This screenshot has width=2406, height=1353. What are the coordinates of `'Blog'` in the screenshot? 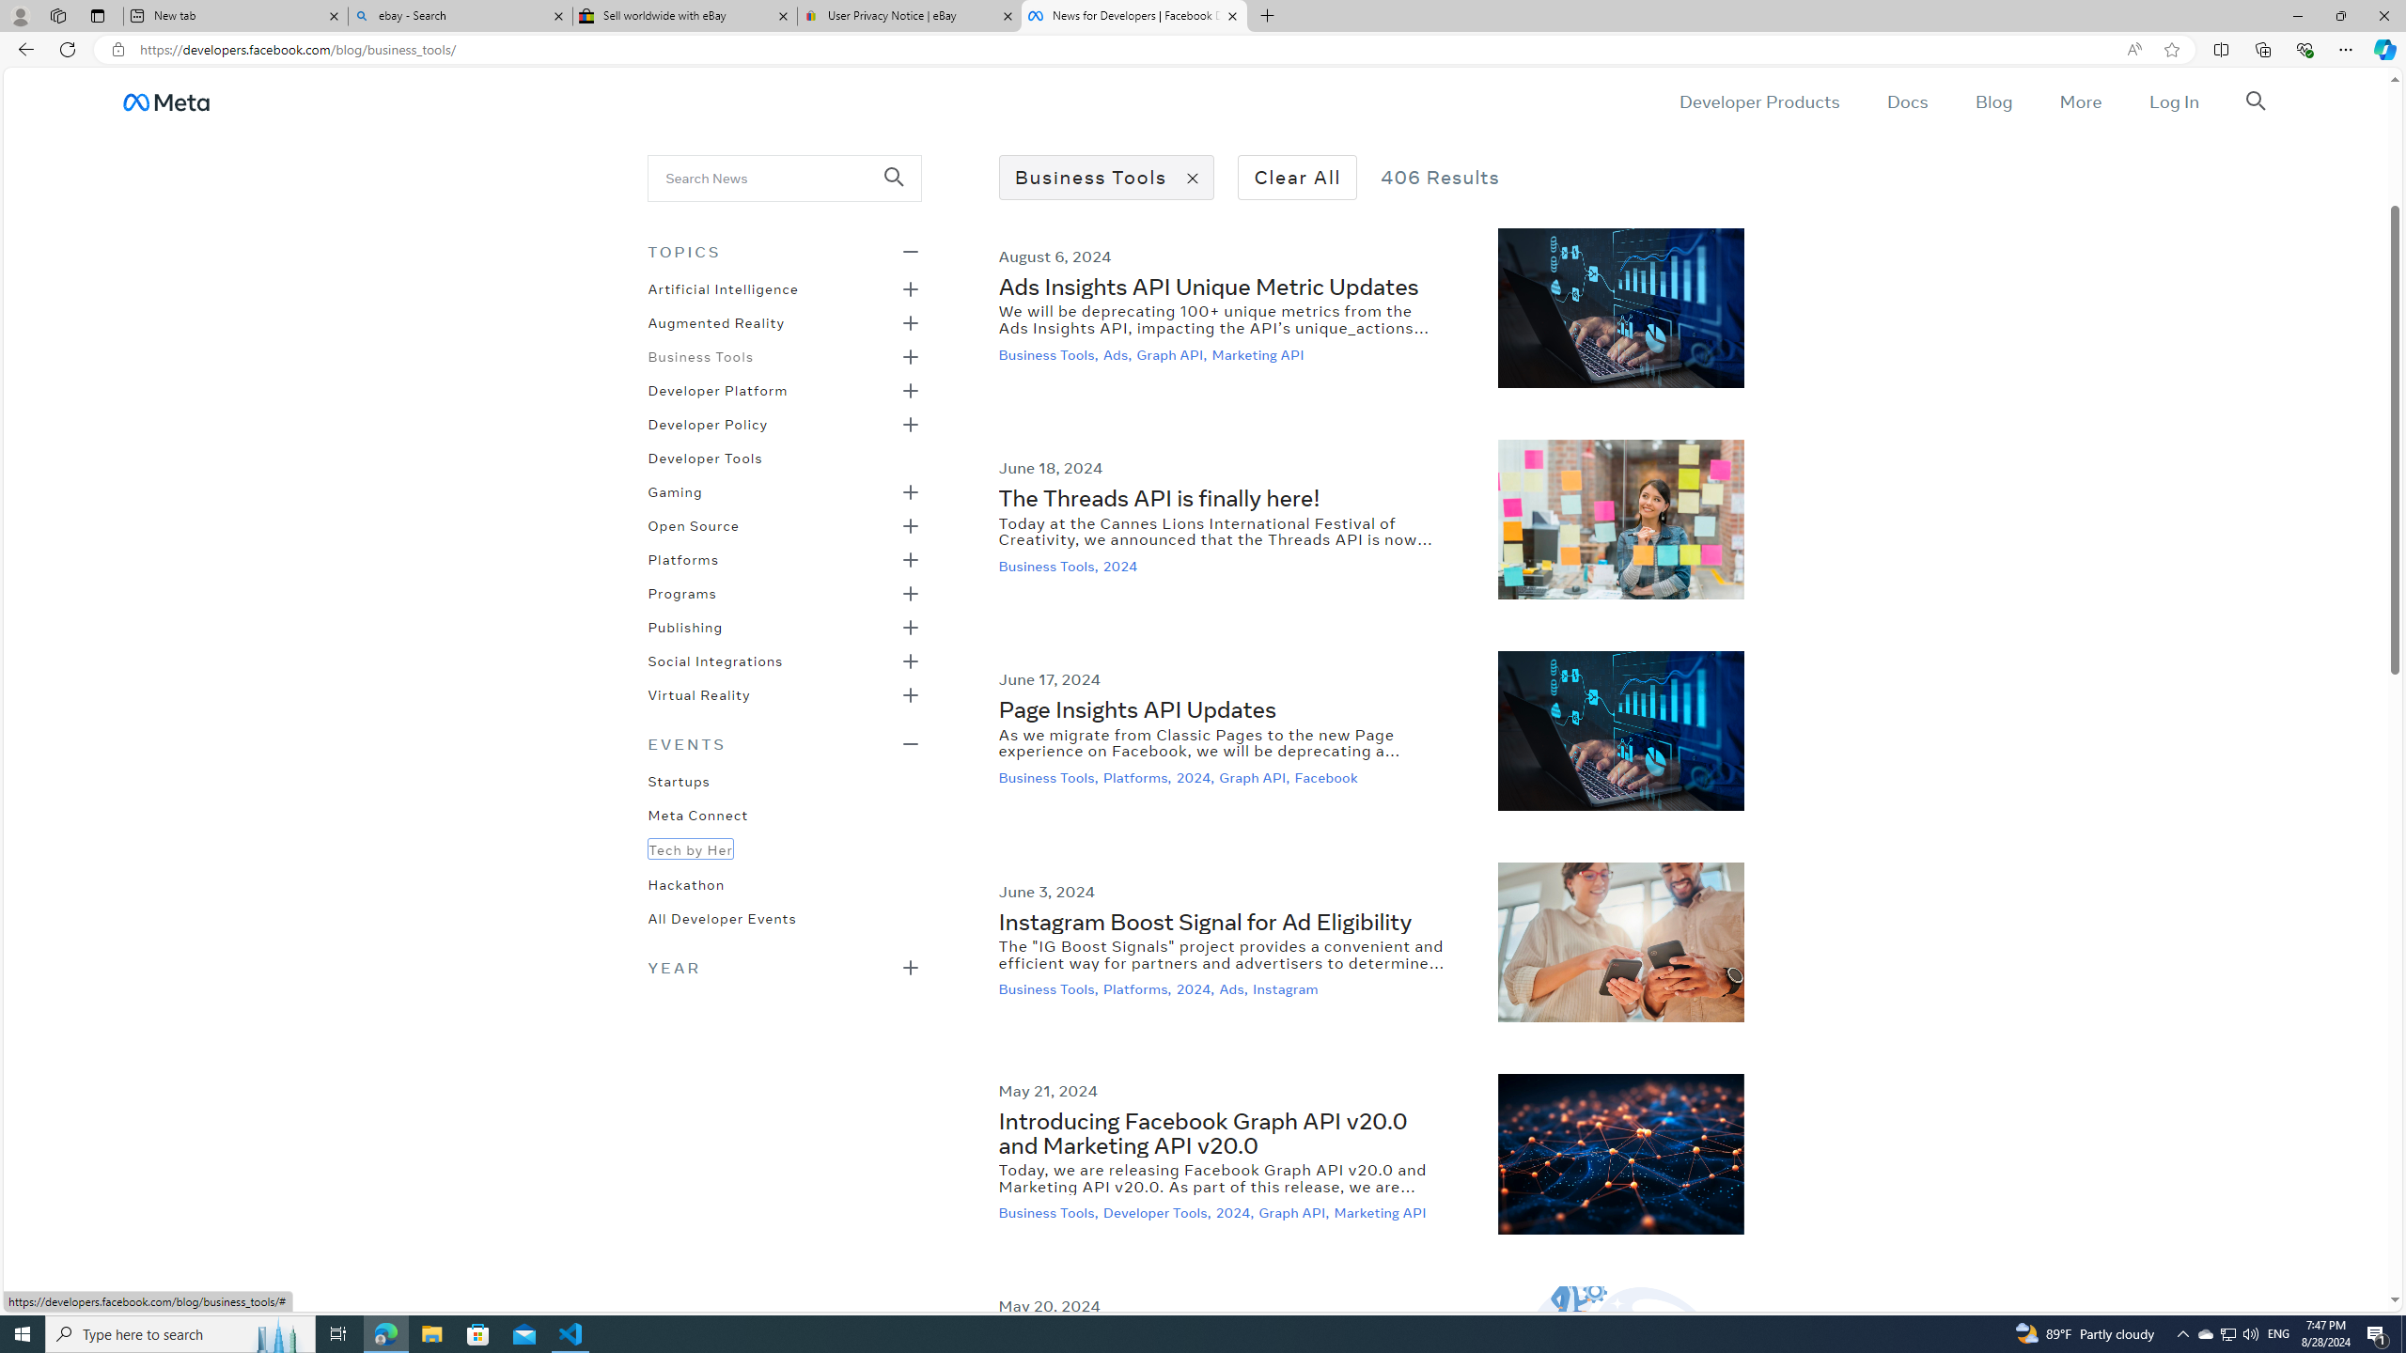 It's located at (1992, 101).